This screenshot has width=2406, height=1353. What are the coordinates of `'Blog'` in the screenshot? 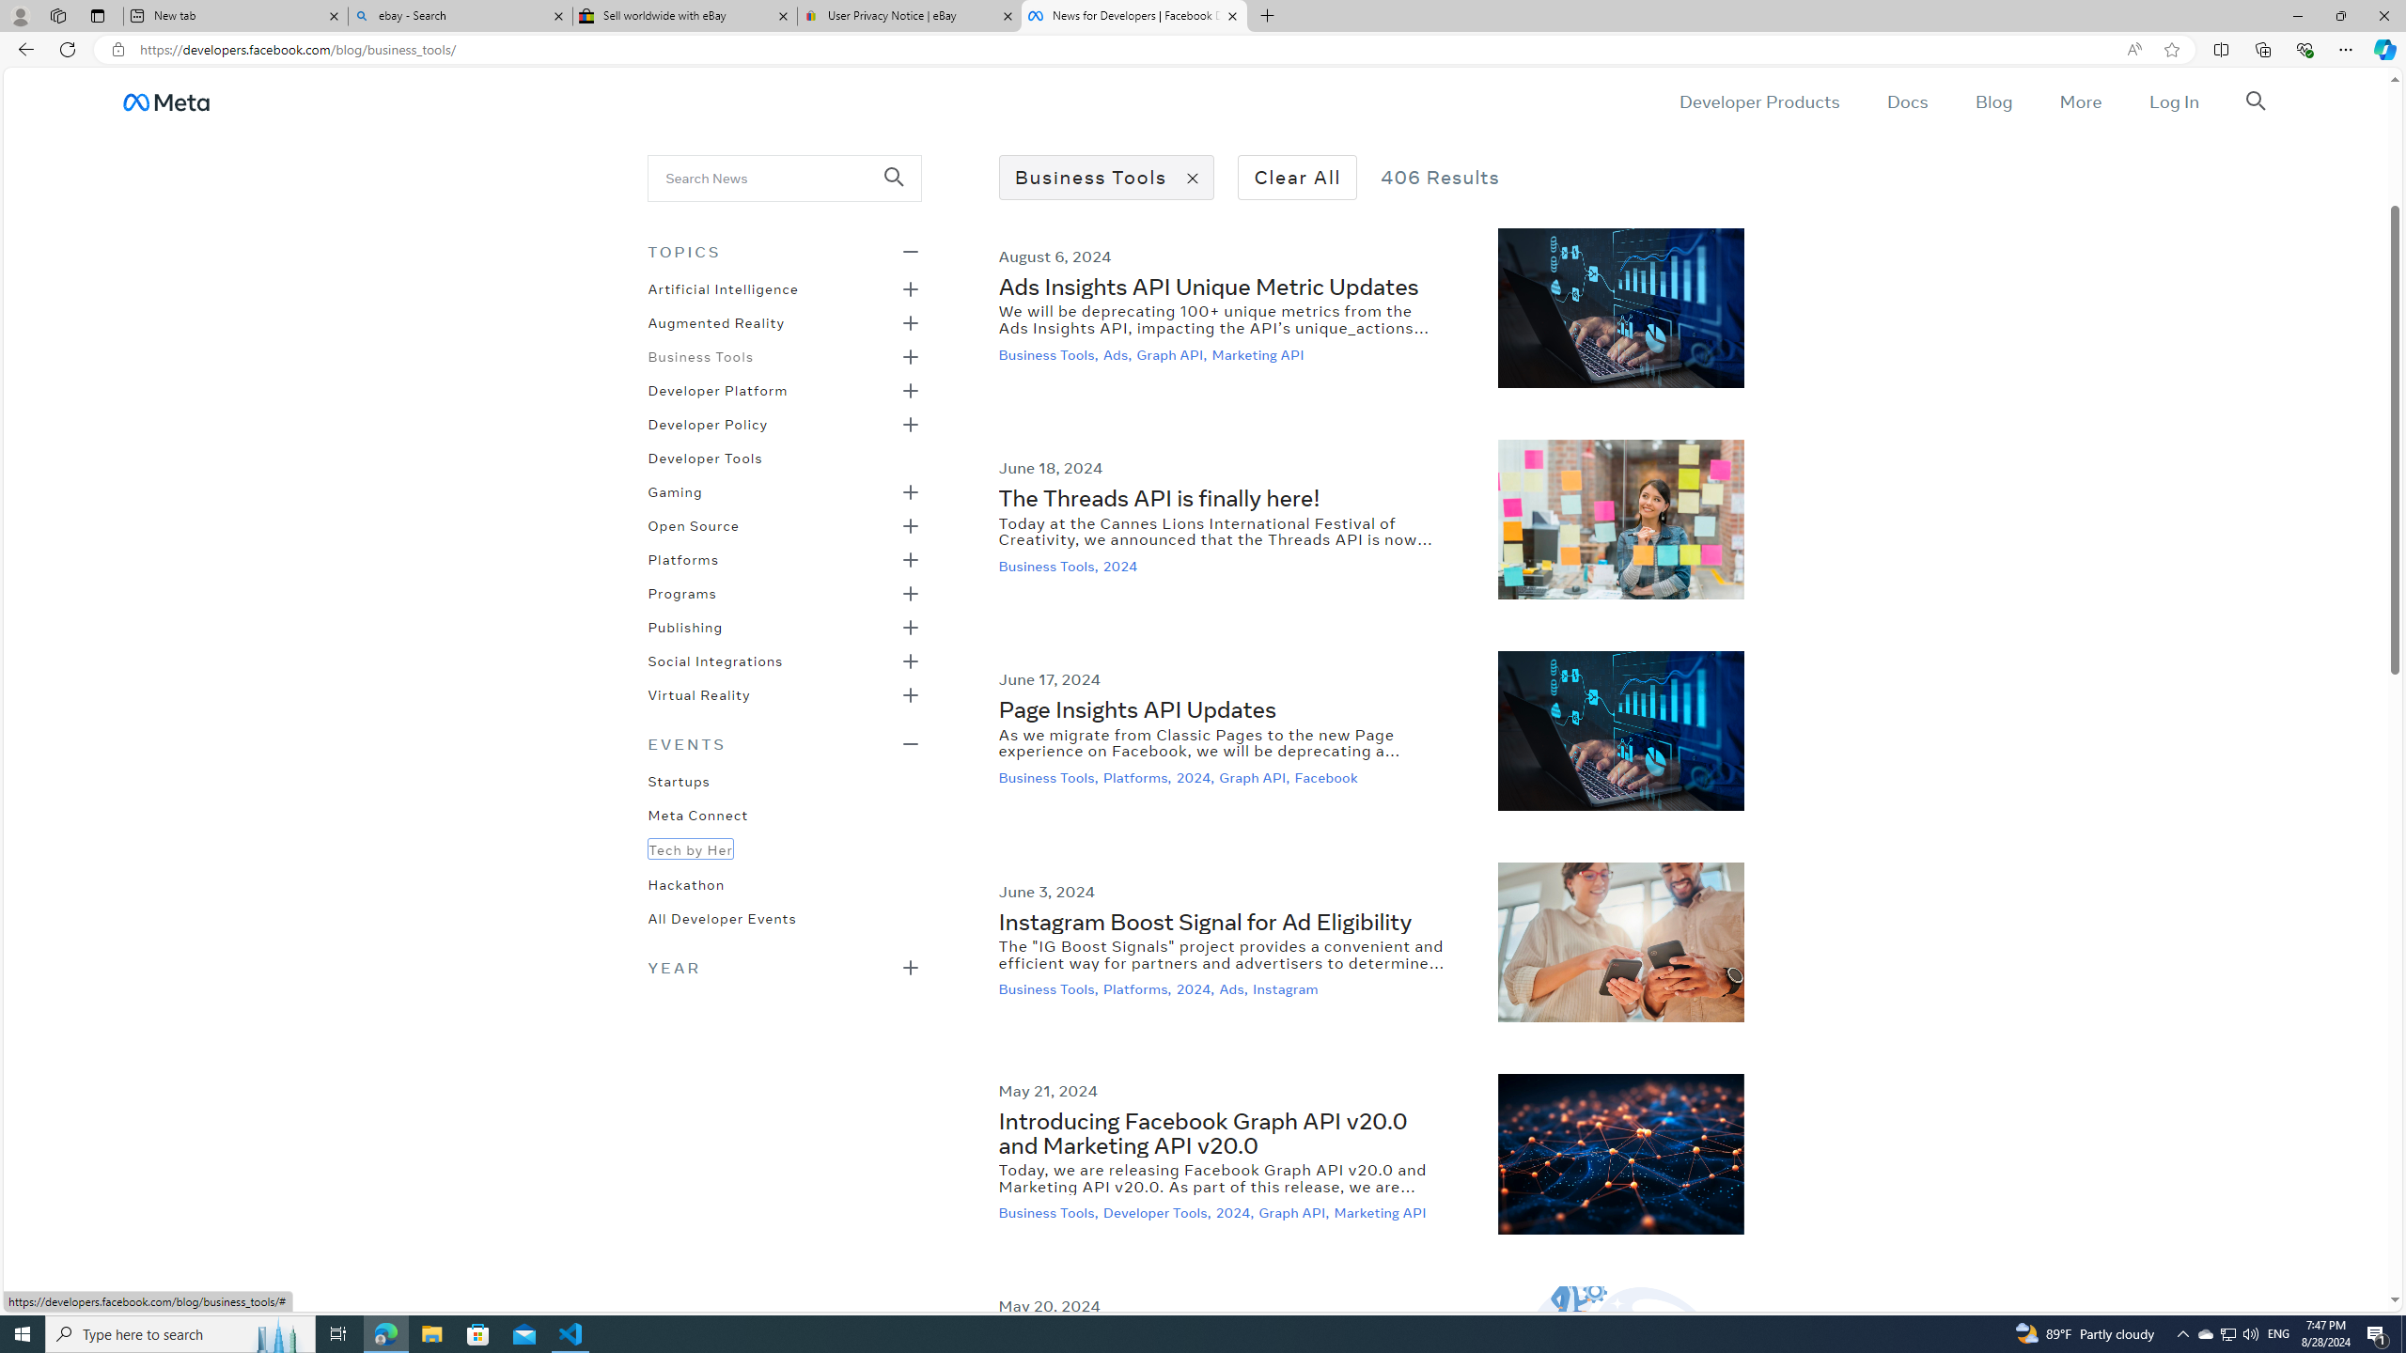 It's located at (1992, 101).